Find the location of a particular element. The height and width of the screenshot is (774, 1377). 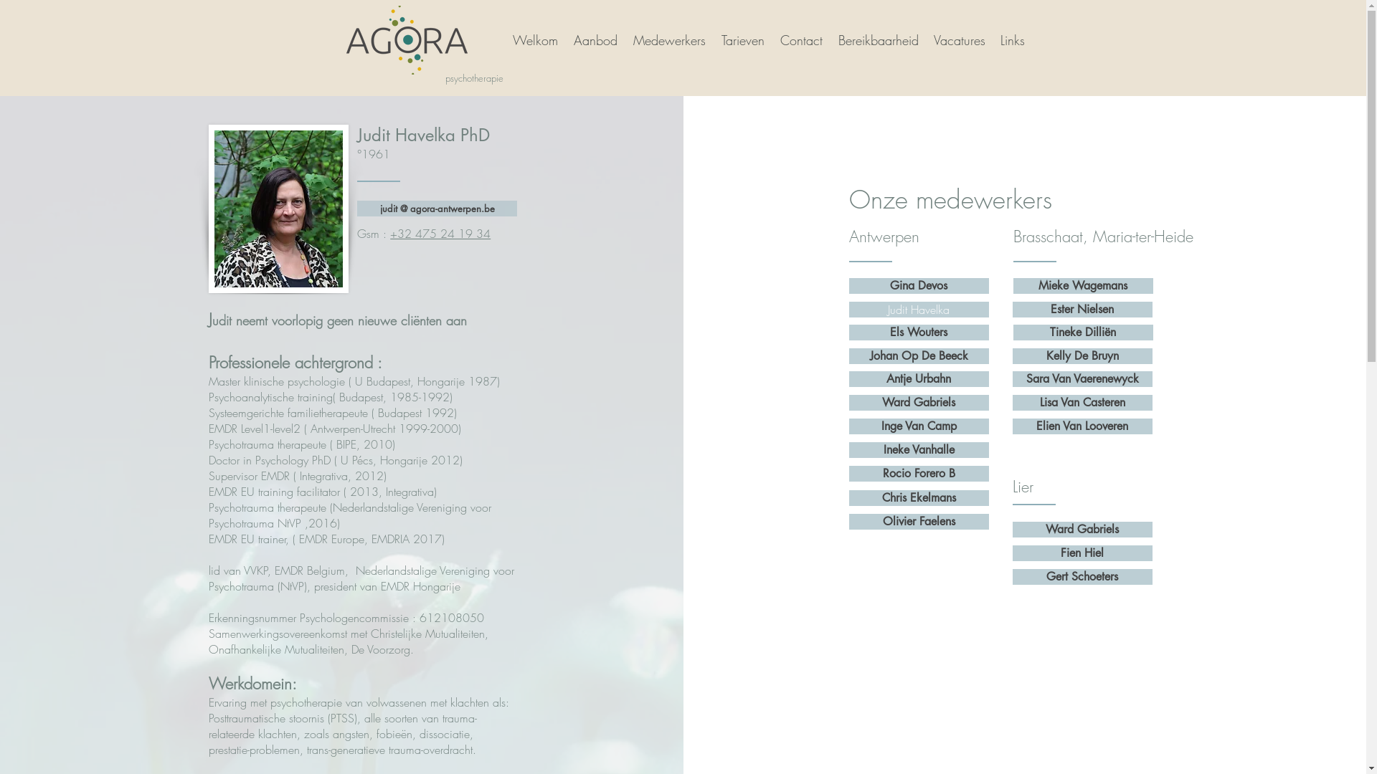

'Aanbod' is located at coordinates (595, 39).